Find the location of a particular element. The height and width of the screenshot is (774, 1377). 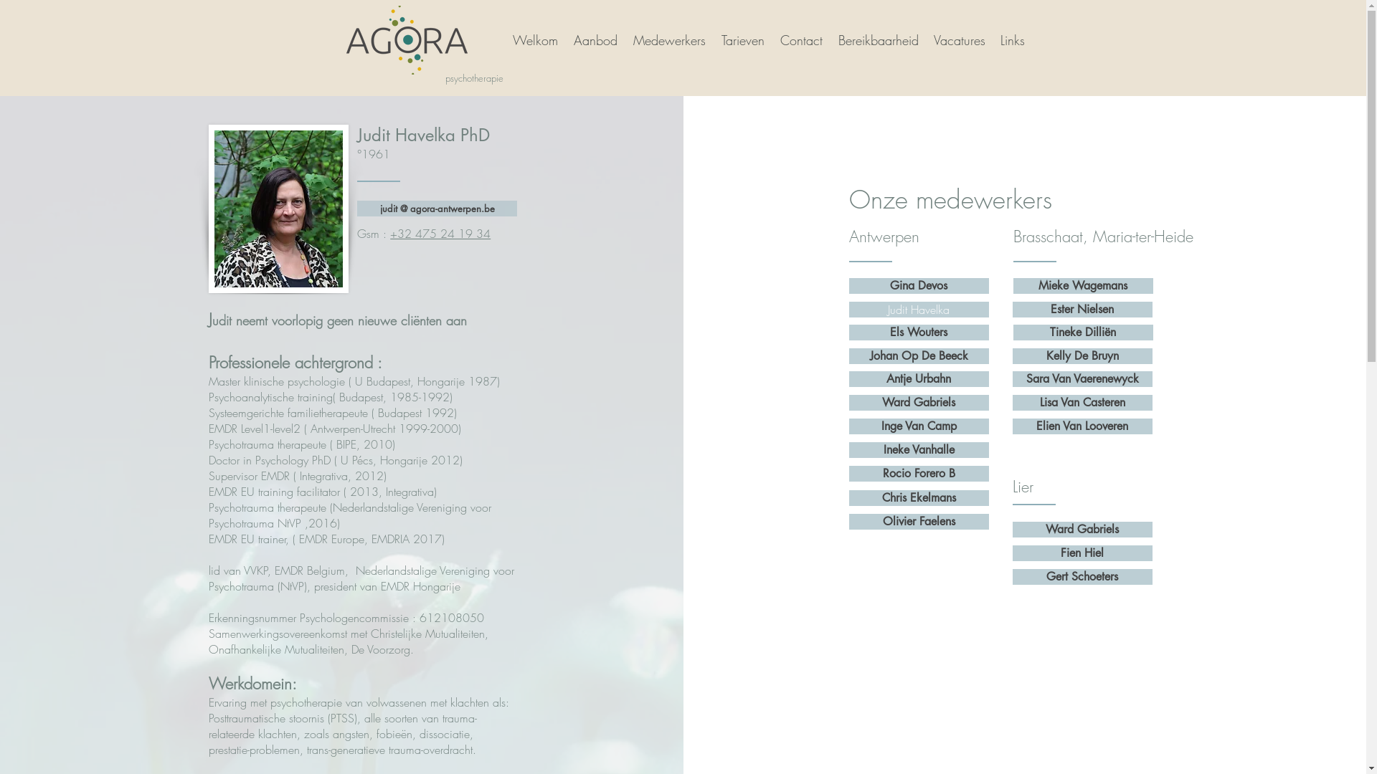

'Aanbod' is located at coordinates (595, 39).